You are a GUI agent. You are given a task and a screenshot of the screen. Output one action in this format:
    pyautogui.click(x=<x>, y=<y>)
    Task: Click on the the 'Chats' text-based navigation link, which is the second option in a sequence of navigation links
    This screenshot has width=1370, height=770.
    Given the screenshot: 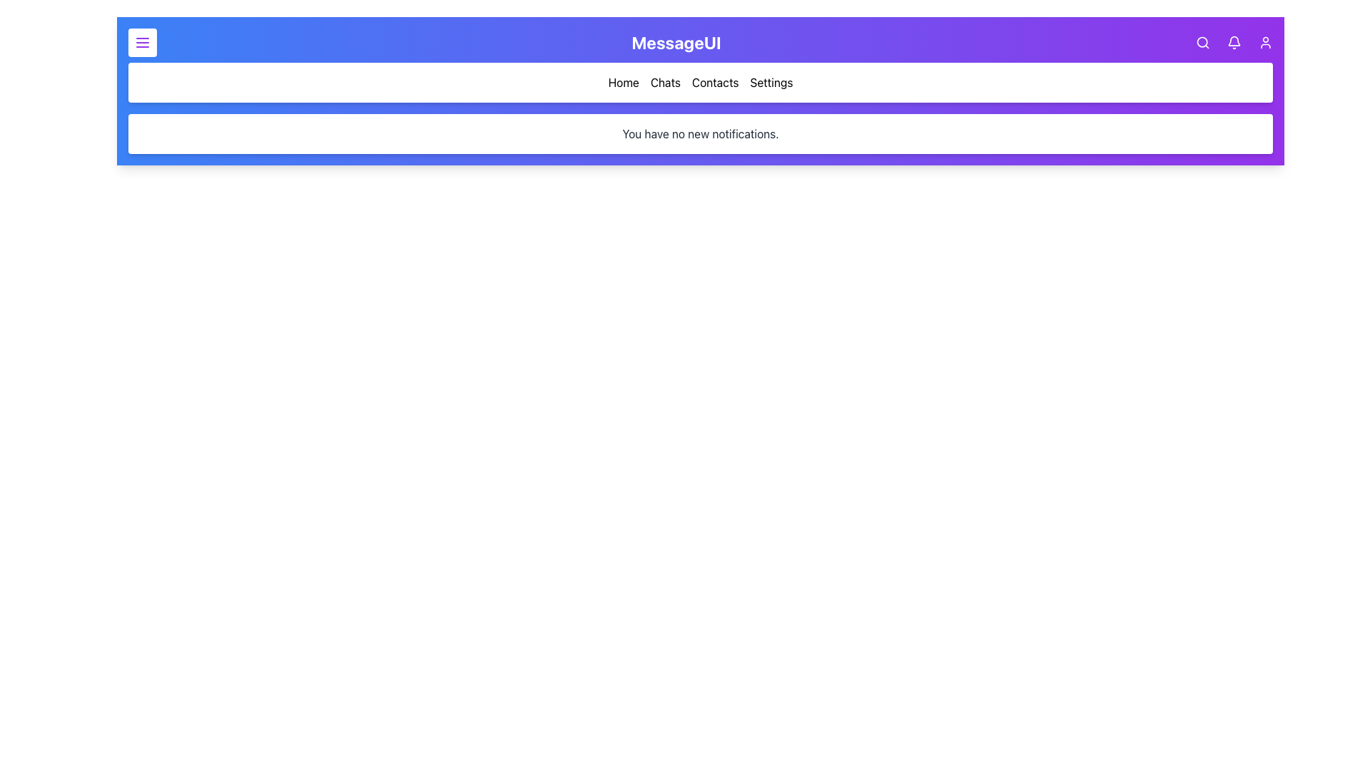 What is the action you would take?
    pyautogui.click(x=664, y=82)
    